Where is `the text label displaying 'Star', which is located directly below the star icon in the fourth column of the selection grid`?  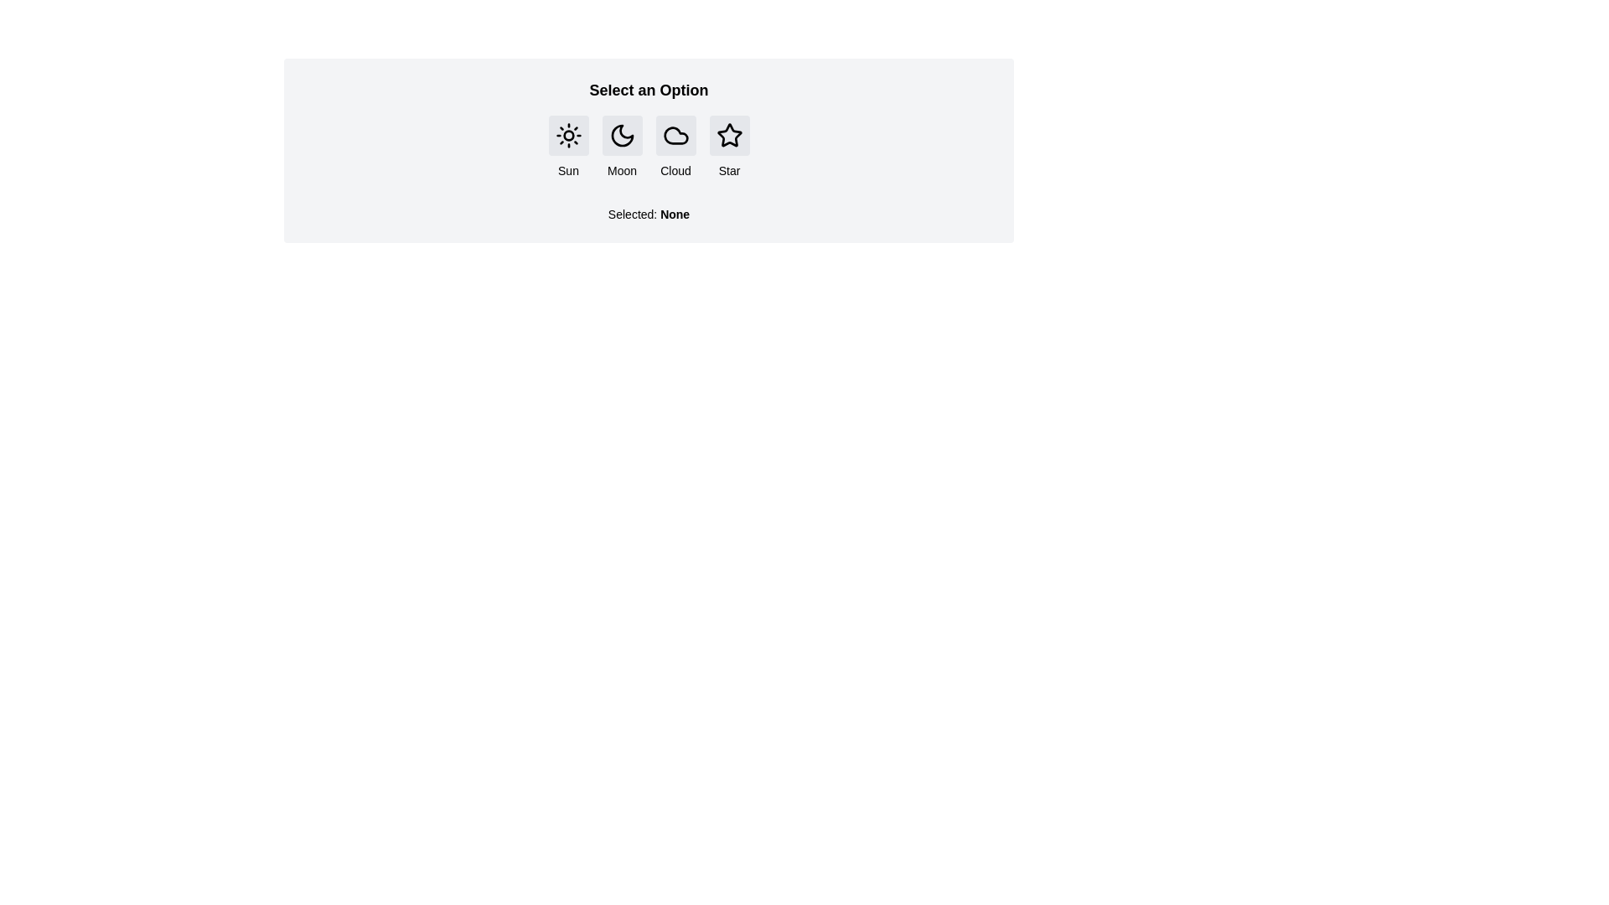 the text label displaying 'Star', which is located directly below the star icon in the fourth column of the selection grid is located at coordinates (729, 171).